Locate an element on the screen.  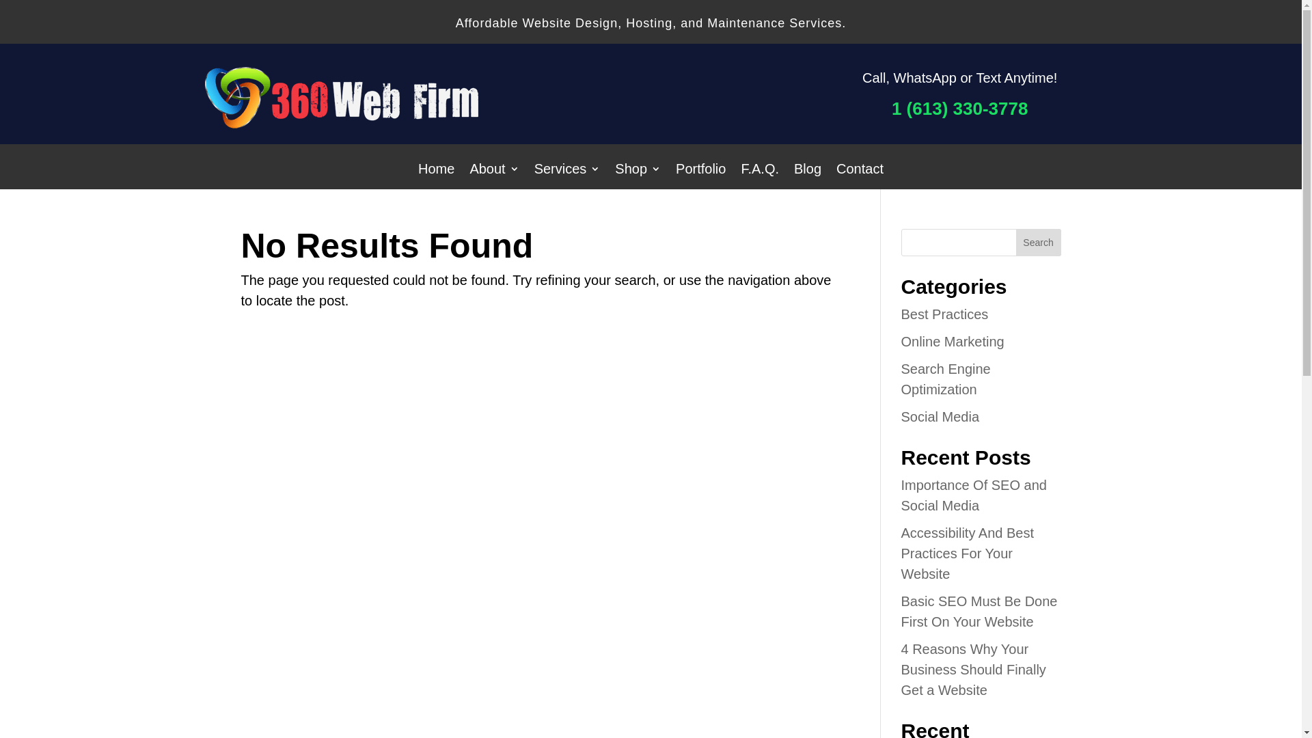
'About' is located at coordinates (493, 170).